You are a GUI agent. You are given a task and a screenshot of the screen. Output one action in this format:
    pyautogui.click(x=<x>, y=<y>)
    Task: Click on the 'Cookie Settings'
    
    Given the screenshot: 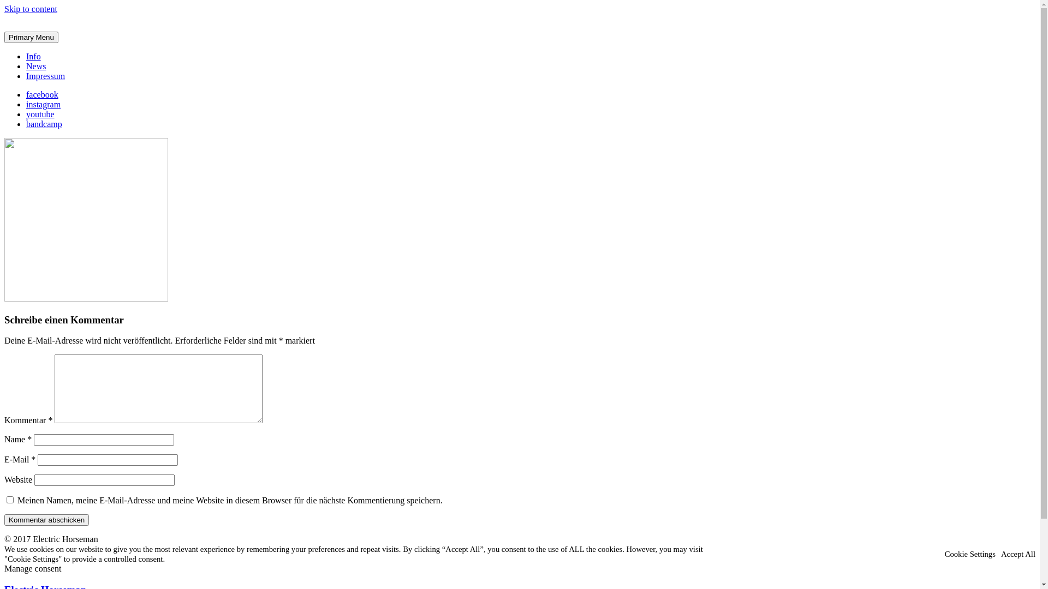 What is the action you would take?
    pyautogui.click(x=970, y=554)
    